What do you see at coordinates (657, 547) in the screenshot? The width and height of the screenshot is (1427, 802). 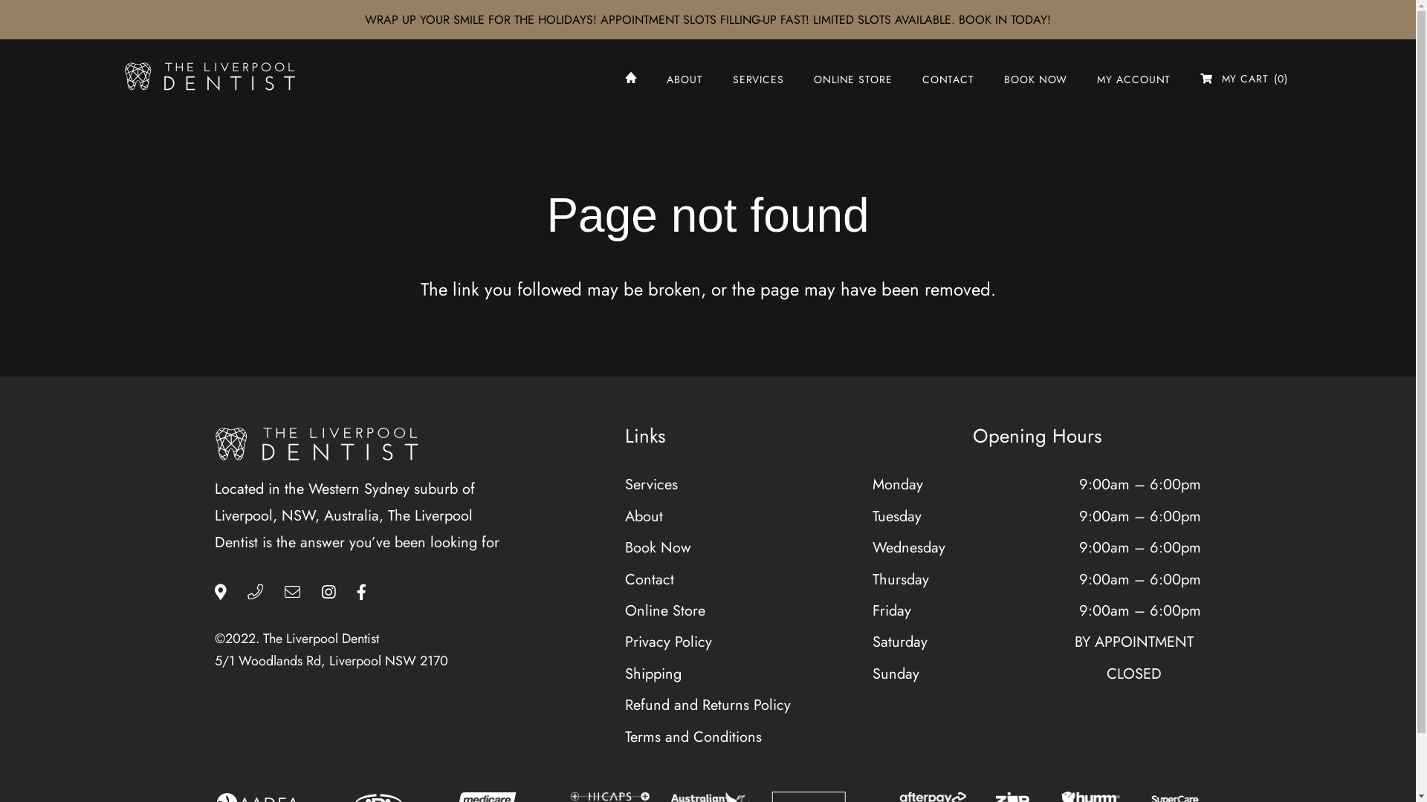 I see `'Book Now'` at bounding box center [657, 547].